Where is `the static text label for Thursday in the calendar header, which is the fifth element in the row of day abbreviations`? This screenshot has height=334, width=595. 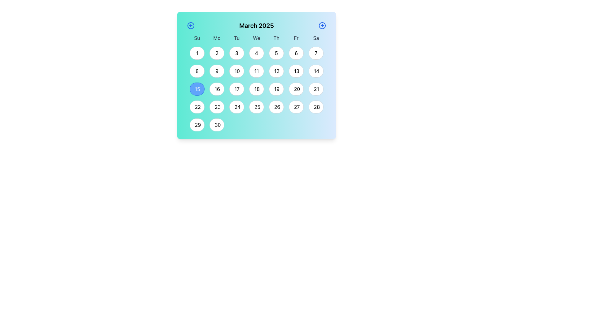 the static text label for Thursday in the calendar header, which is the fifth element in the row of day abbreviations is located at coordinates (276, 38).